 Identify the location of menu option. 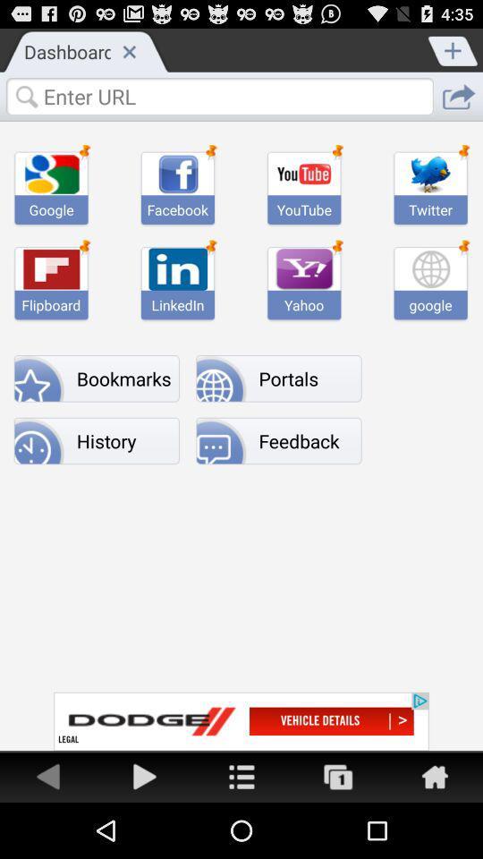
(241, 775).